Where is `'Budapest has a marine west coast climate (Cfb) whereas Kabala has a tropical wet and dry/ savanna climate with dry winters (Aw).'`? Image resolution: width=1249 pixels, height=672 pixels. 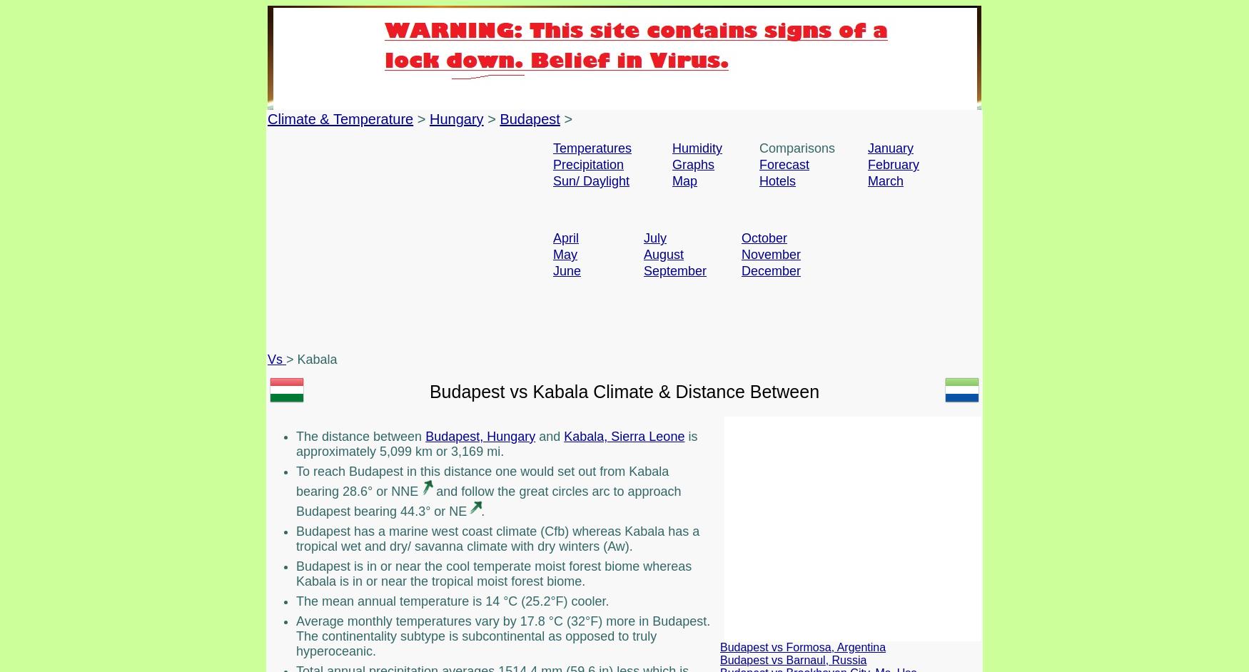 'Budapest has a marine west coast climate (Cfb) whereas Kabala has a tropical wet and dry/ savanna climate with dry winters (Aw).' is located at coordinates (497, 538).